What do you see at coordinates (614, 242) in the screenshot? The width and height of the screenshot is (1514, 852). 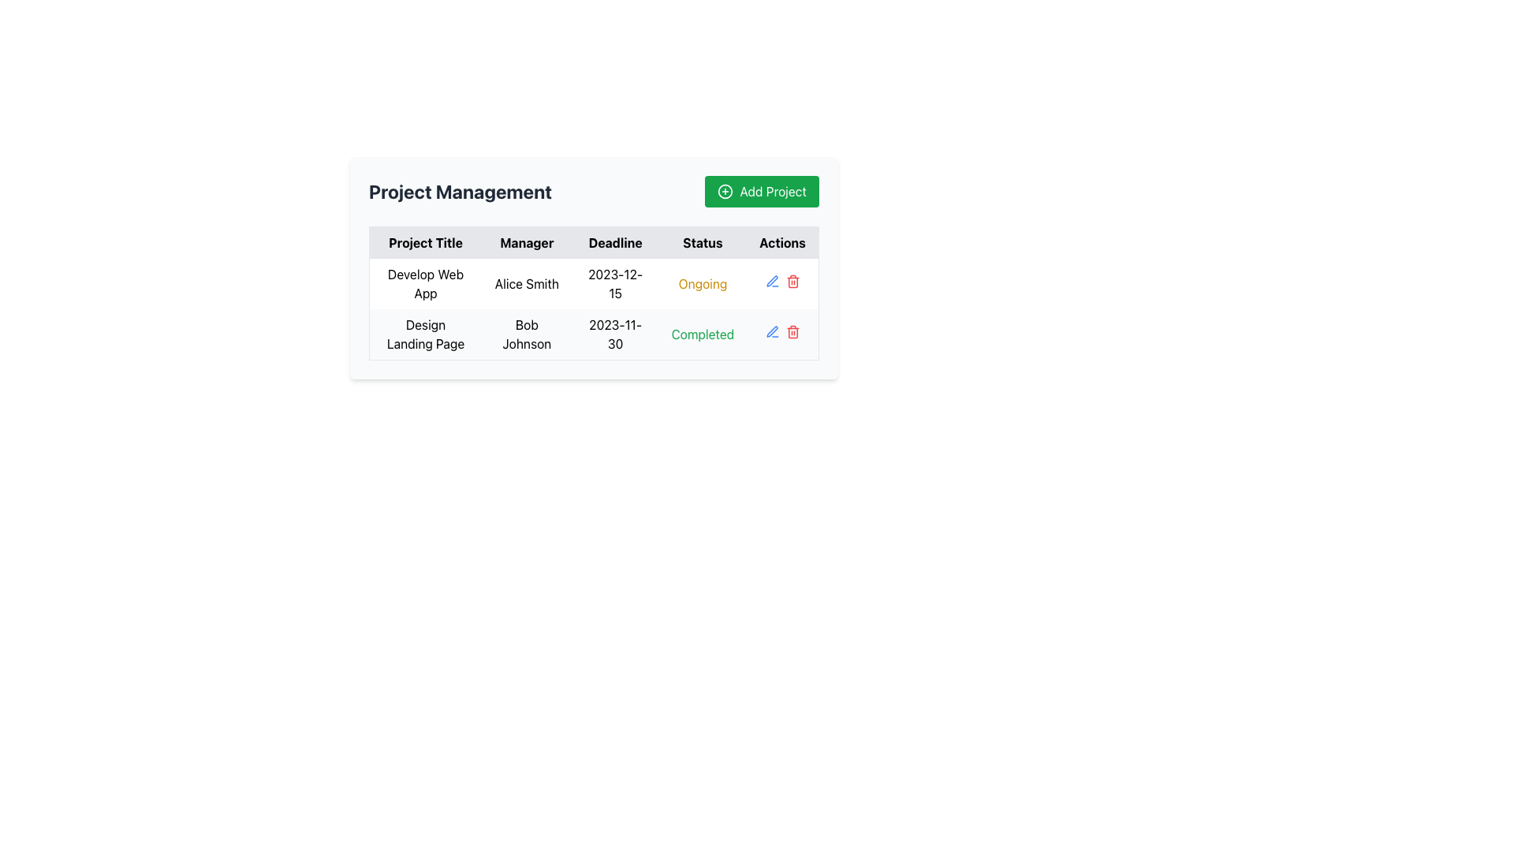 I see `the 'Deadline' text component in the table header` at bounding box center [614, 242].